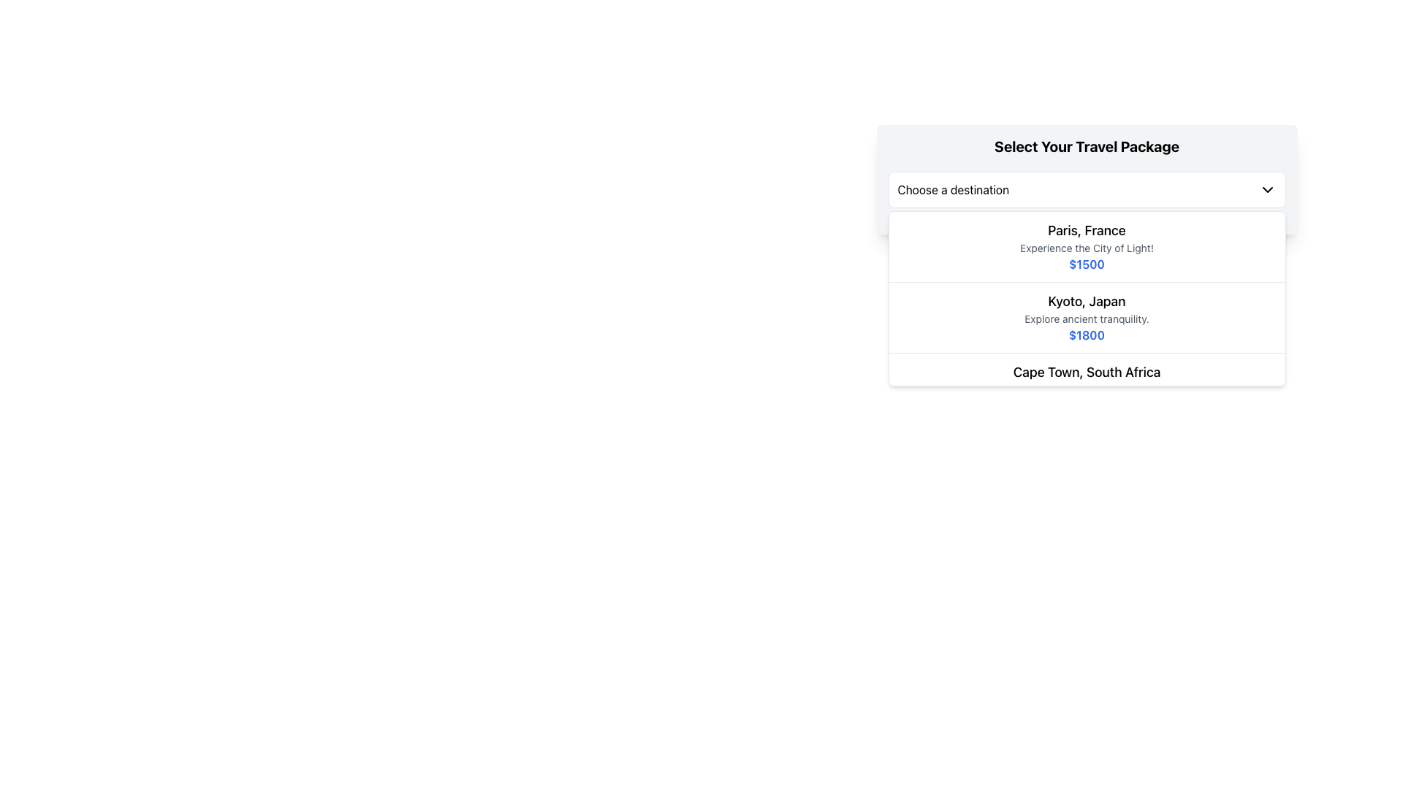 This screenshot has height=789, width=1403. What do you see at coordinates (1087, 188) in the screenshot?
I see `the dropdown menu labeled 'Choose a destination'` at bounding box center [1087, 188].